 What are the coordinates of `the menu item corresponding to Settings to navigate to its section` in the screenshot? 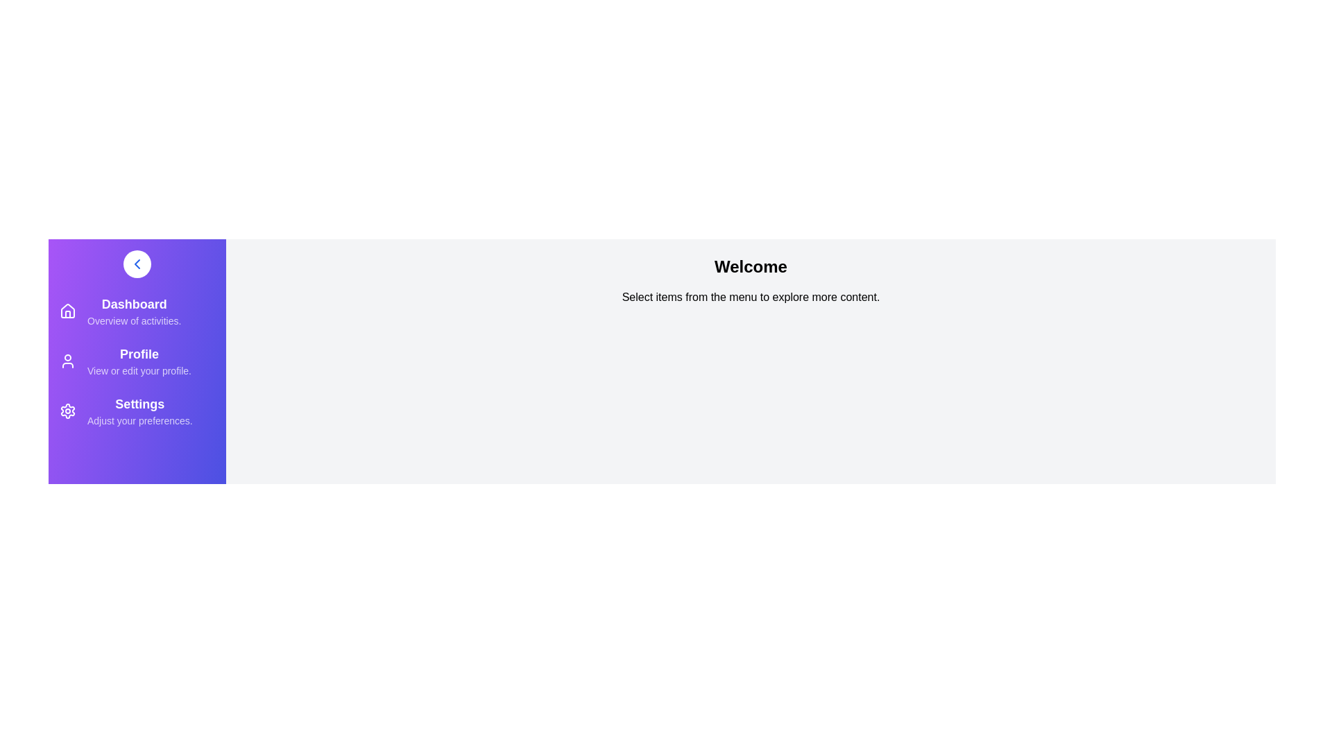 It's located at (137, 411).